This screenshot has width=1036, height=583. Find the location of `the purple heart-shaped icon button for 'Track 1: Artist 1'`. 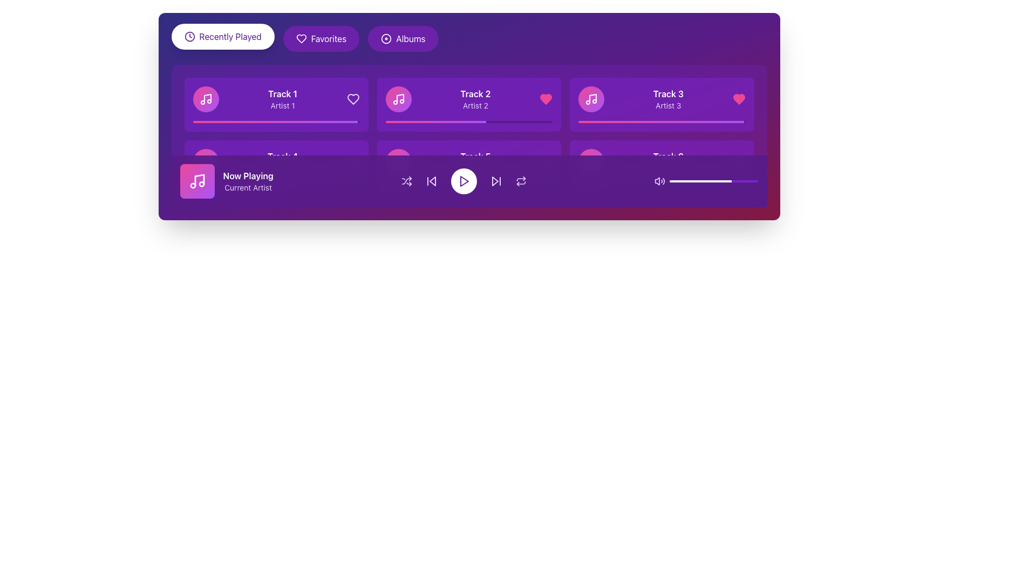

the purple heart-shaped icon button for 'Track 1: Artist 1' is located at coordinates (353, 99).